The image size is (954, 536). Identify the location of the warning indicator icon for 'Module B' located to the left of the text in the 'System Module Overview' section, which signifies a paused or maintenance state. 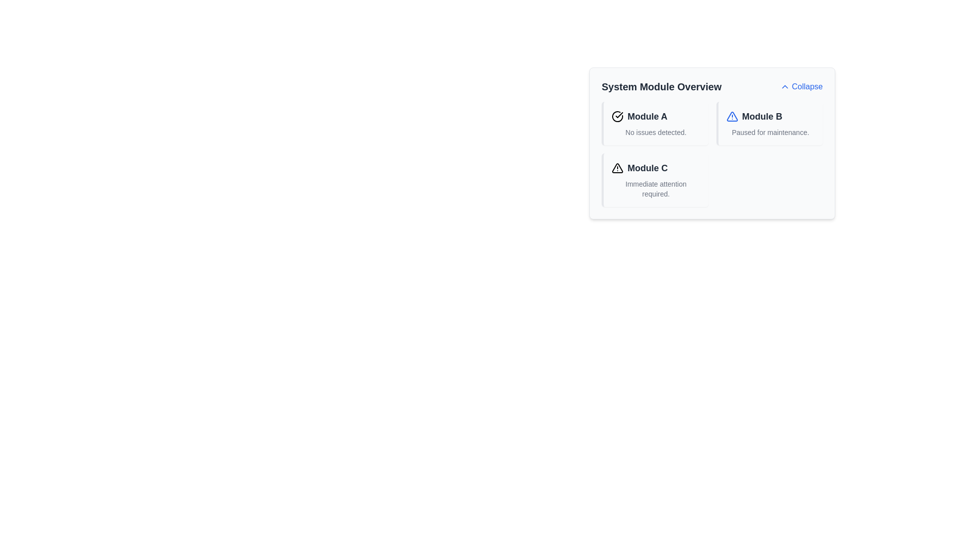
(732, 116).